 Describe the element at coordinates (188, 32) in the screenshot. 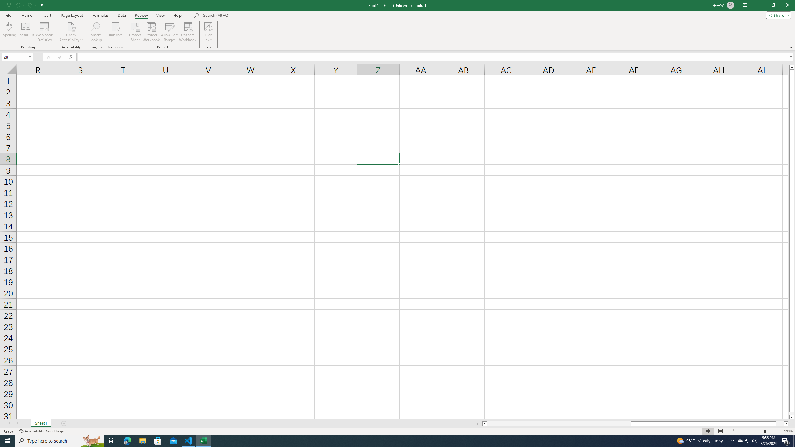

I see `'Unshare Workbook'` at that location.